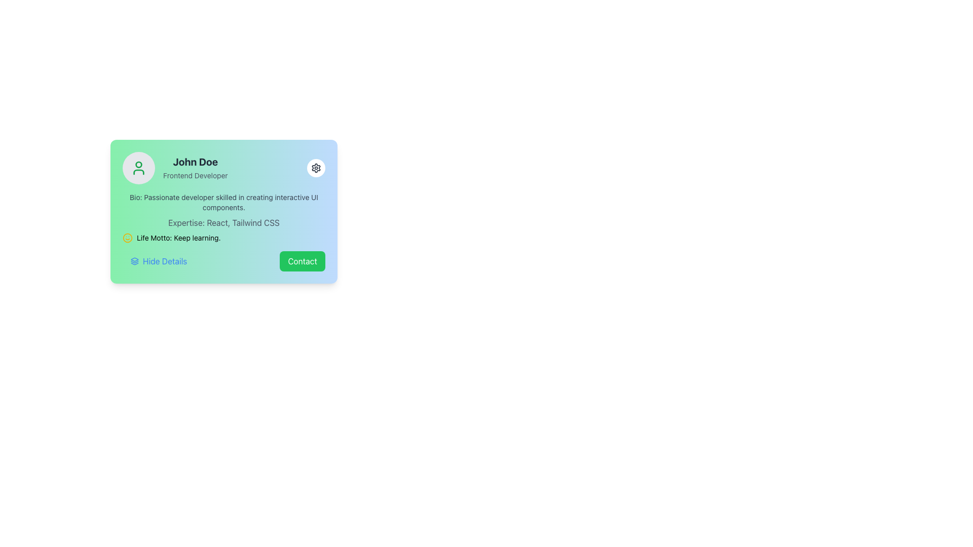  I want to click on the stacked layers icon located next to the 'Hide Details' text at the bottom-left of the user profile card, so click(134, 261).